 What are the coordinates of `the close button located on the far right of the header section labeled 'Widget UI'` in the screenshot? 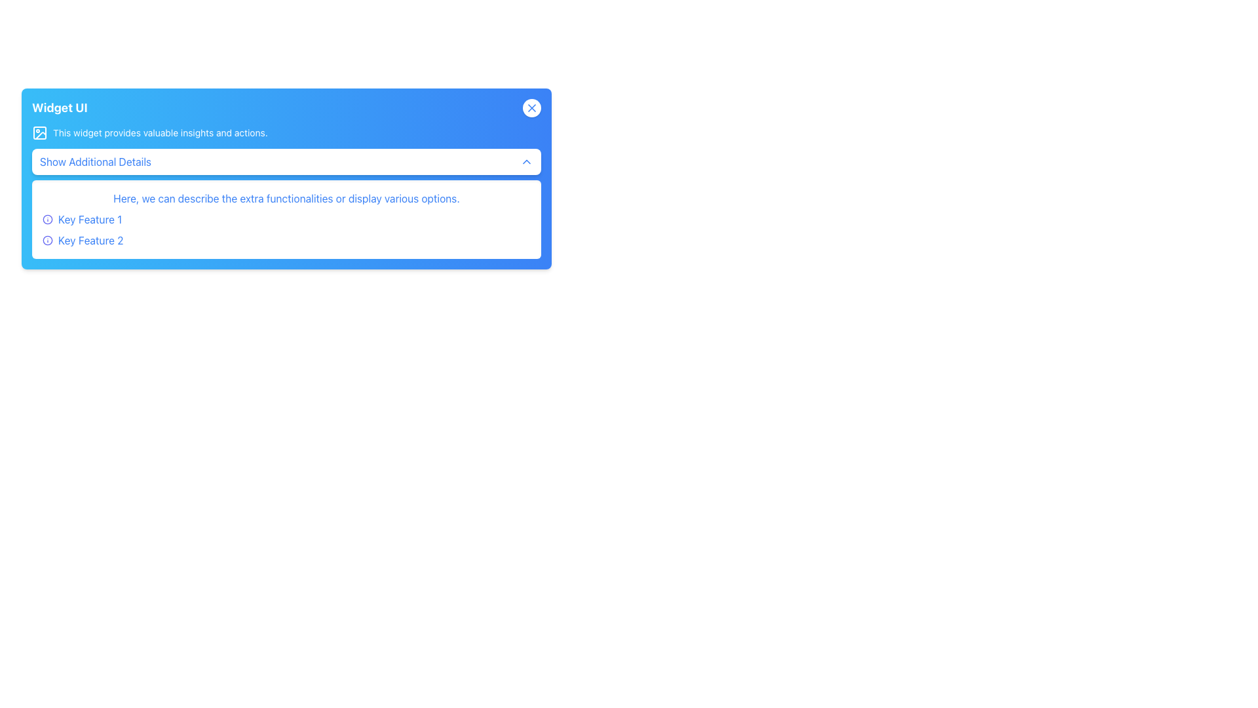 It's located at (531, 108).